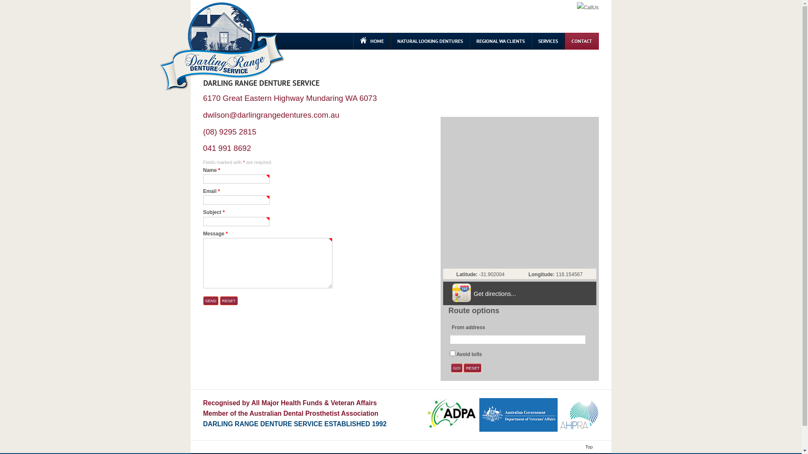 The width and height of the screenshot is (808, 454). What do you see at coordinates (267, 262) in the screenshot?
I see `'Message'` at bounding box center [267, 262].